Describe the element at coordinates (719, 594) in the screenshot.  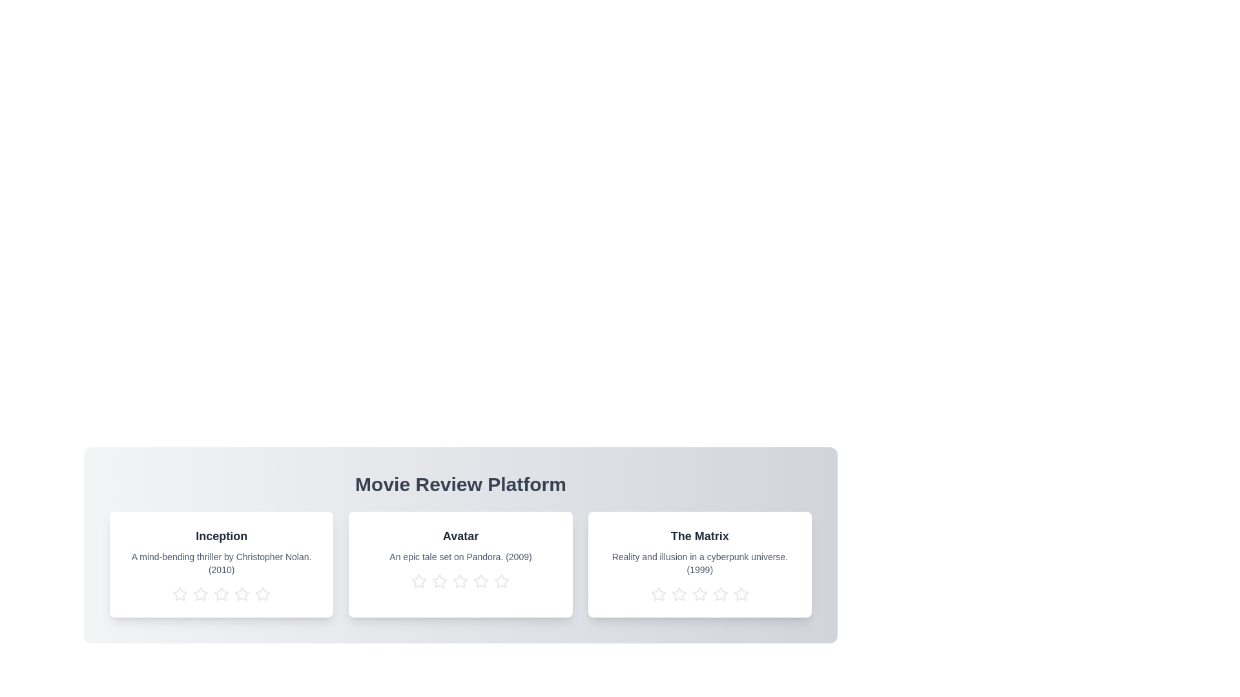
I see `the star corresponding to 4 stars for the movie titled The Matrix` at that location.